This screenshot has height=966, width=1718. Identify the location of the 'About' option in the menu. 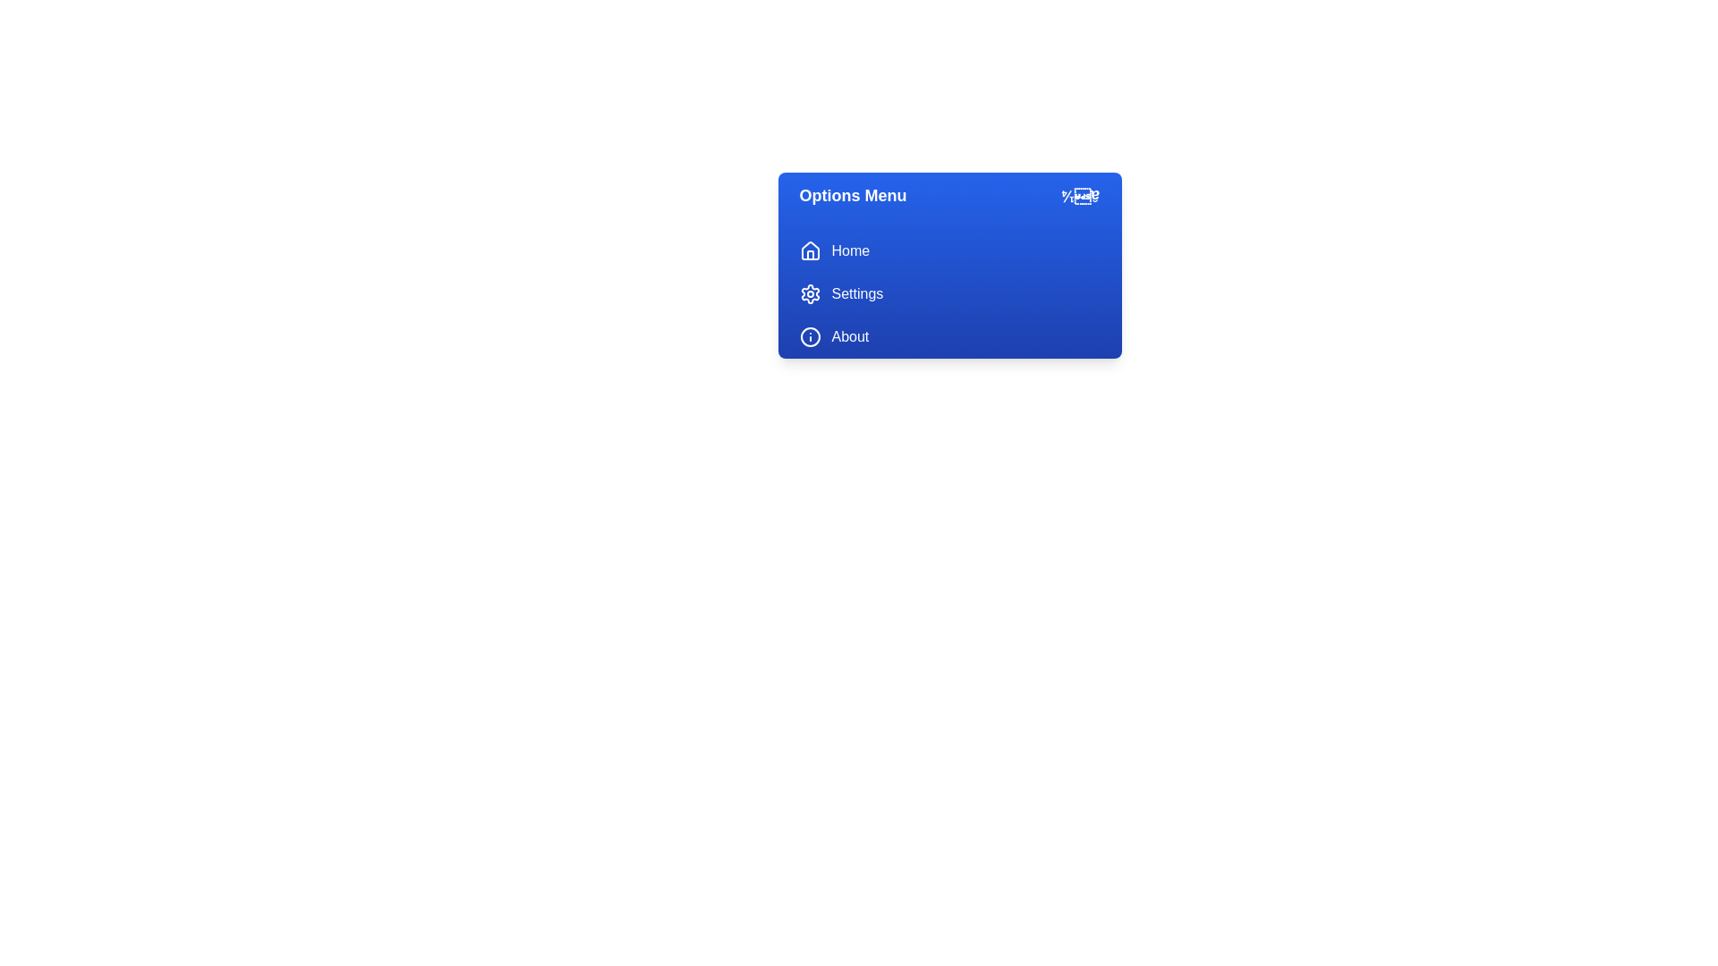
(948, 337).